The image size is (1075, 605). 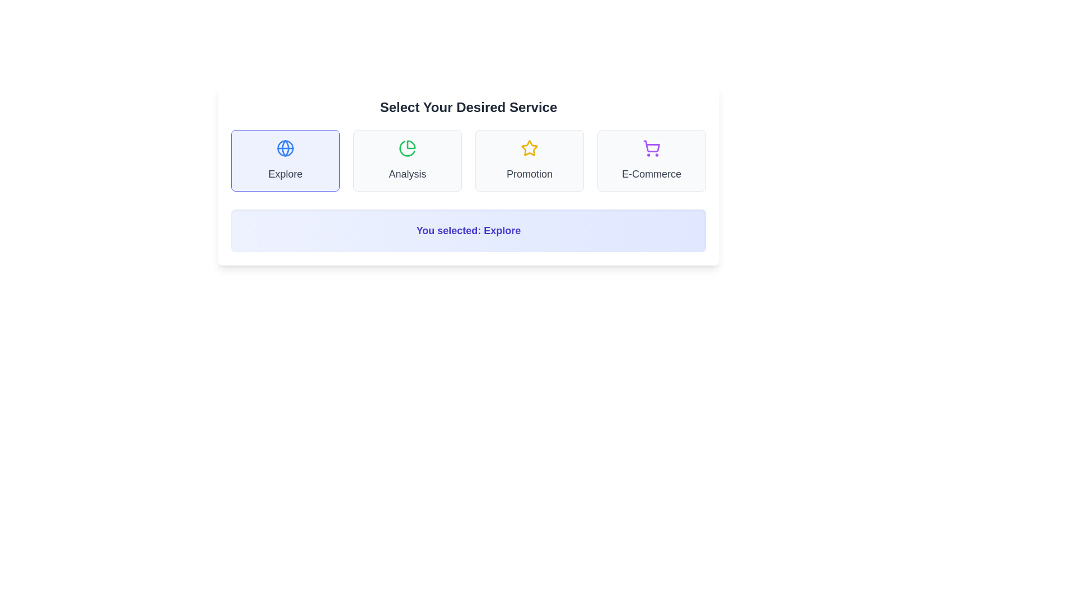 What do you see at coordinates (407, 174) in the screenshot?
I see `the 'Analysis' text label element using tab navigation` at bounding box center [407, 174].